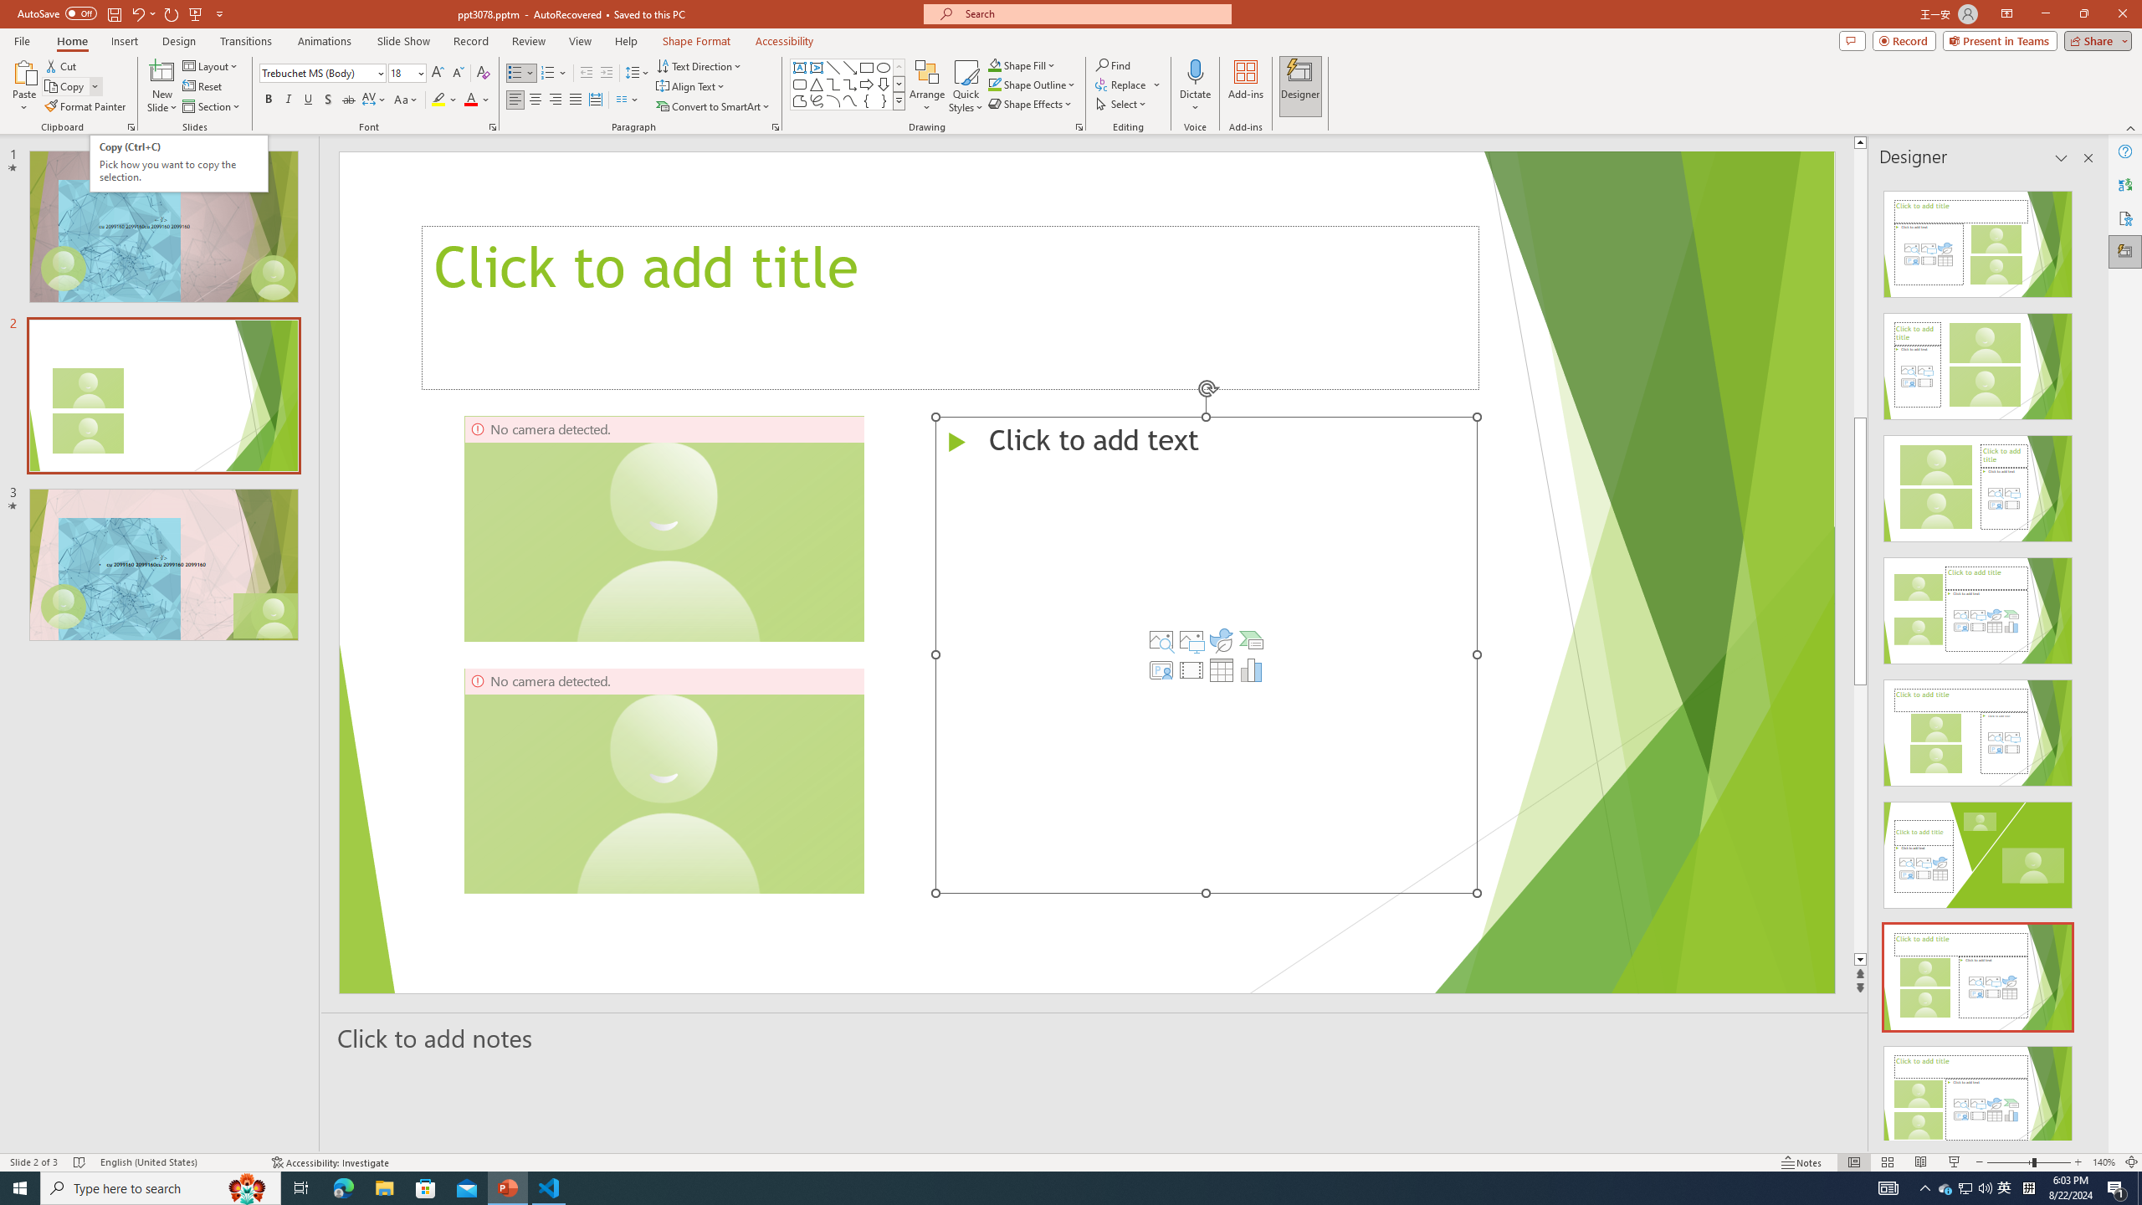 This screenshot has width=2142, height=1205. I want to click on 'Insert a SmartArt Graphic', so click(1252, 638).